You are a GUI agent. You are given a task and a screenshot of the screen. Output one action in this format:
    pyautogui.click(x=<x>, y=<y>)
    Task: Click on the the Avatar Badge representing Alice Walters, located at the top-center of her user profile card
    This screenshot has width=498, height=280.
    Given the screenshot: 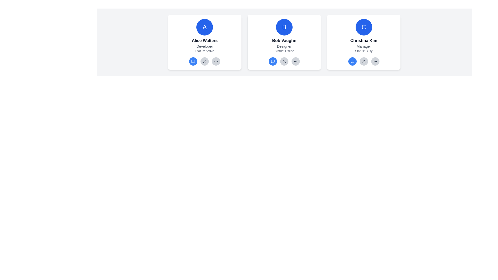 What is the action you would take?
    pyautogui.click(x=204, y=27)
    